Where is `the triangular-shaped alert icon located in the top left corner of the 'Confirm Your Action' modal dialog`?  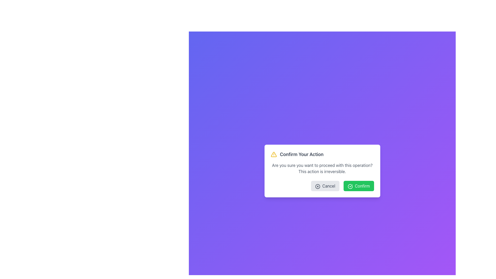
the triangular-shaped alert icon located in the top left corner of the 'Confirm Your Action' modal dialog is located at coordinates (273, 154).